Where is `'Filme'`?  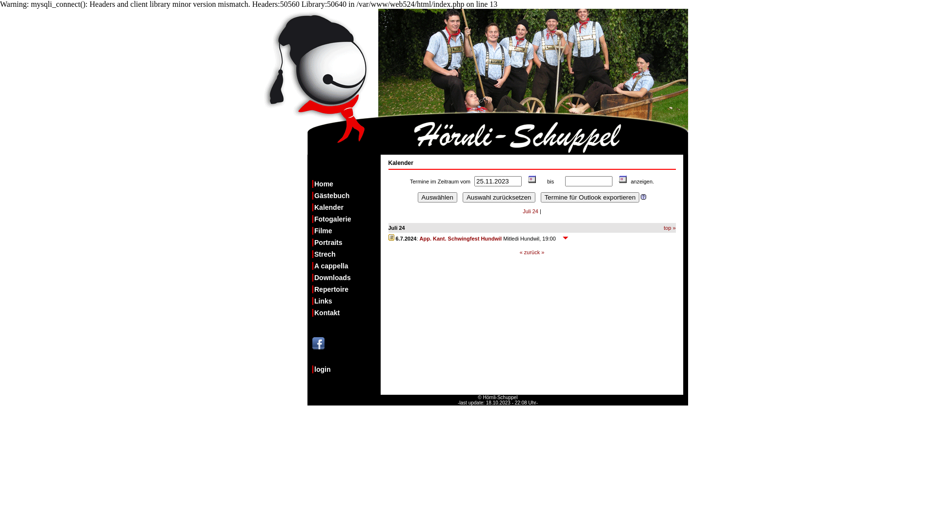
'Filme' is located at coordinates (311, 231).